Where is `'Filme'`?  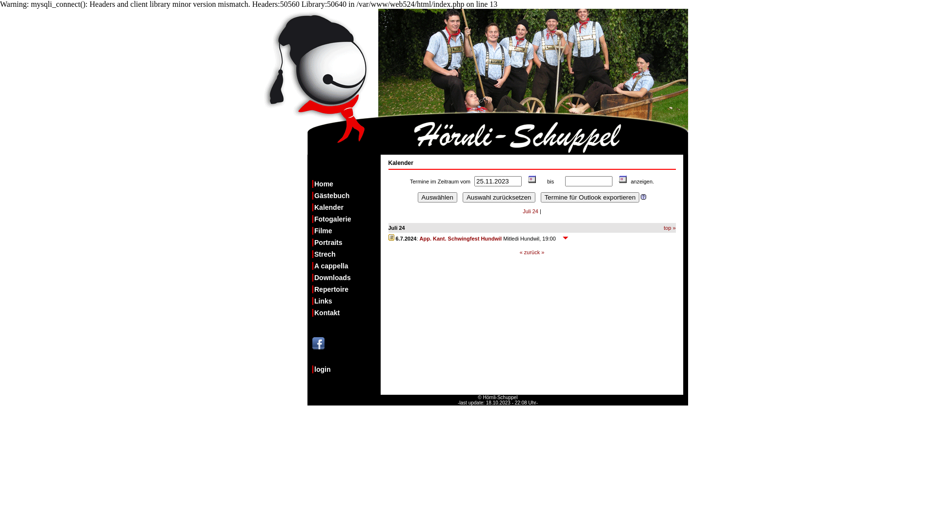
'Filme' is located at coordinates (311, 231).